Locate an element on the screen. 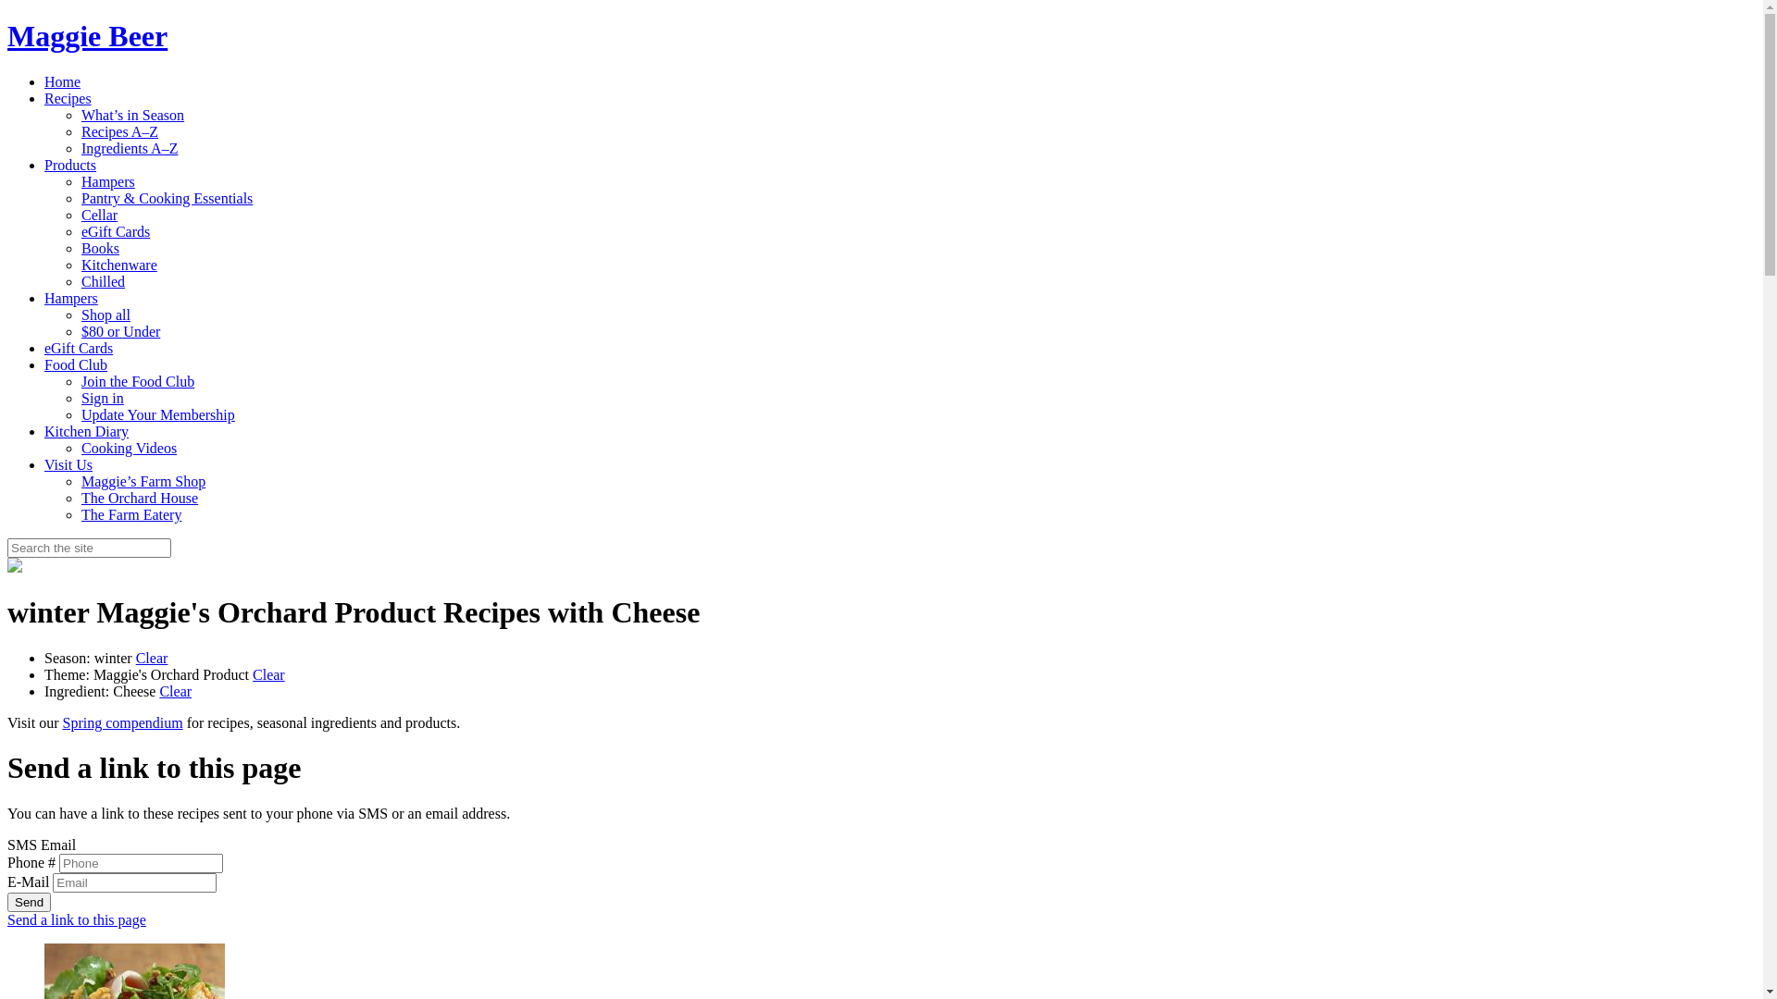 This screenshot has height=999, width=1777. 'eGift Cards' is located at coordinates (78, 348).